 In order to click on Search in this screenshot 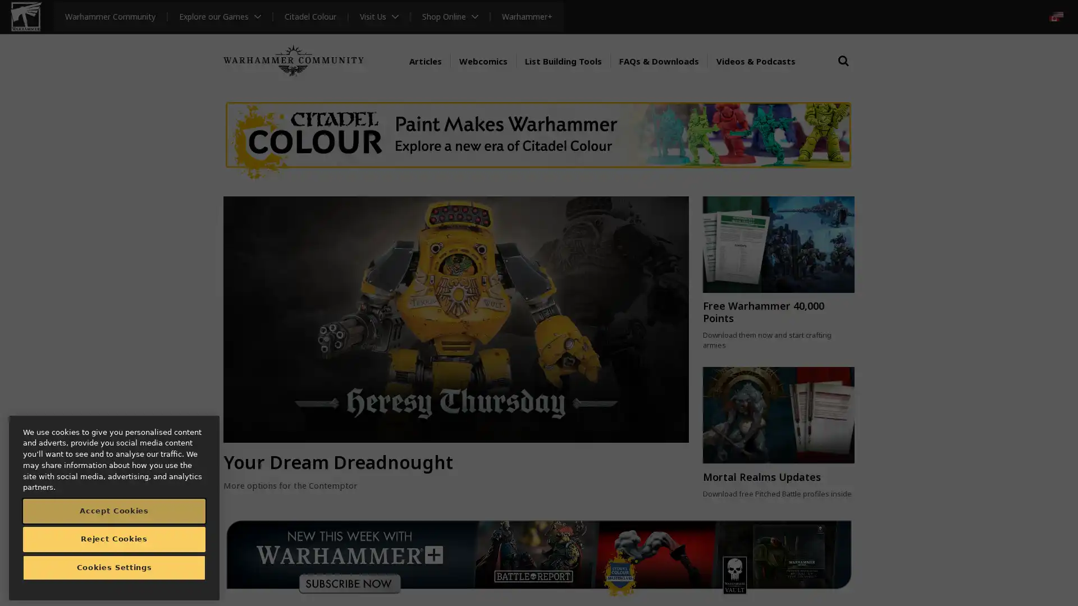, I will do `click(843, 71)`.